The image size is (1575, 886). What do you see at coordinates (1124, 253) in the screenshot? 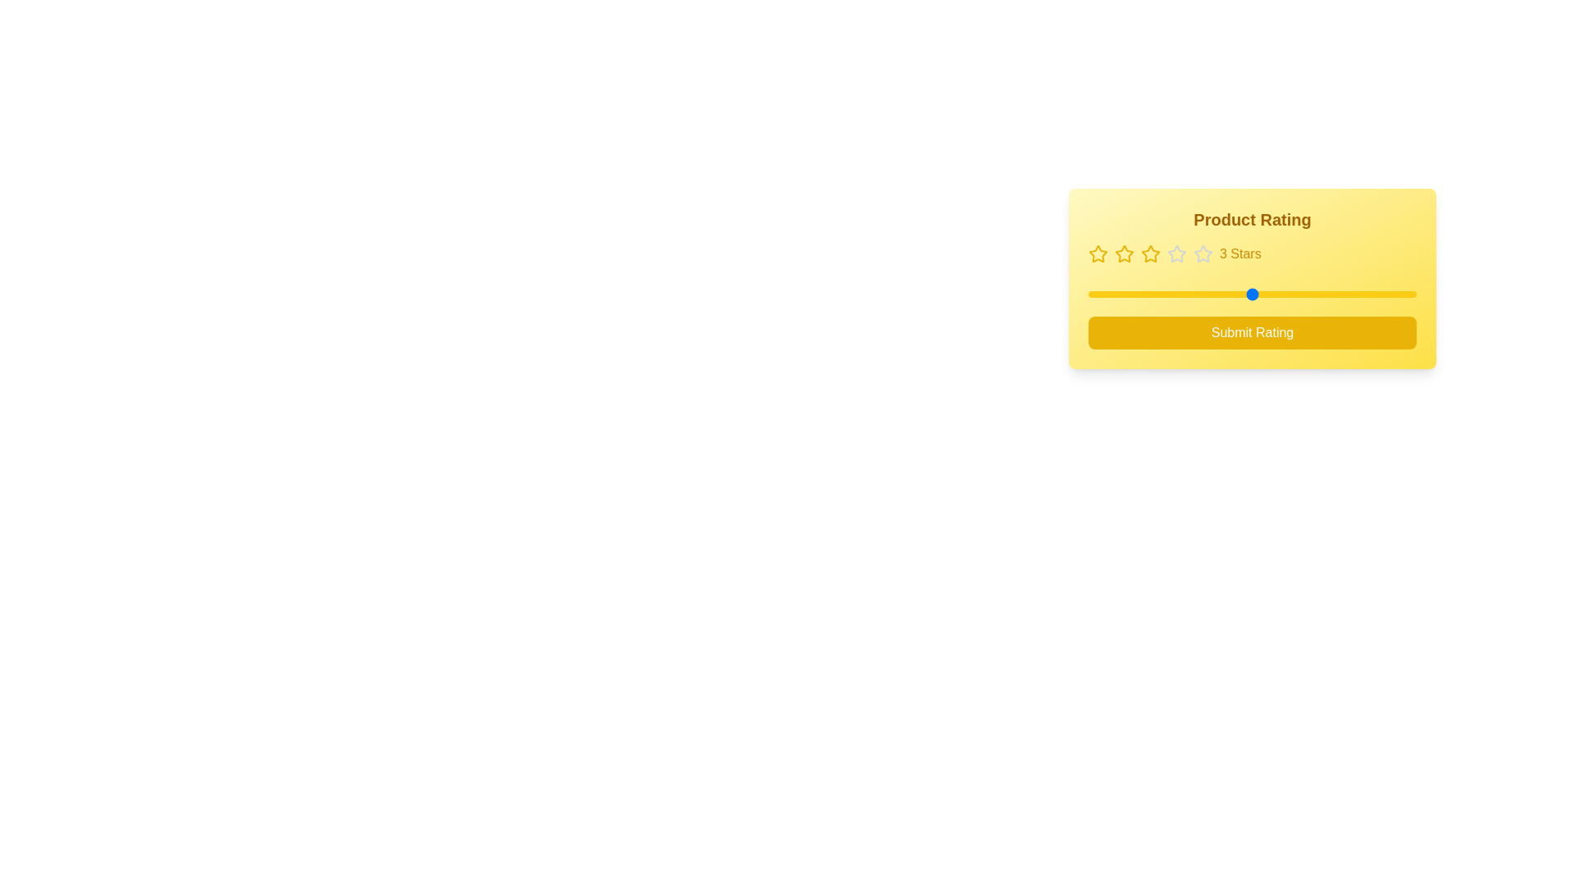
I see `the third star icon` at bounding box center [1124, 253].